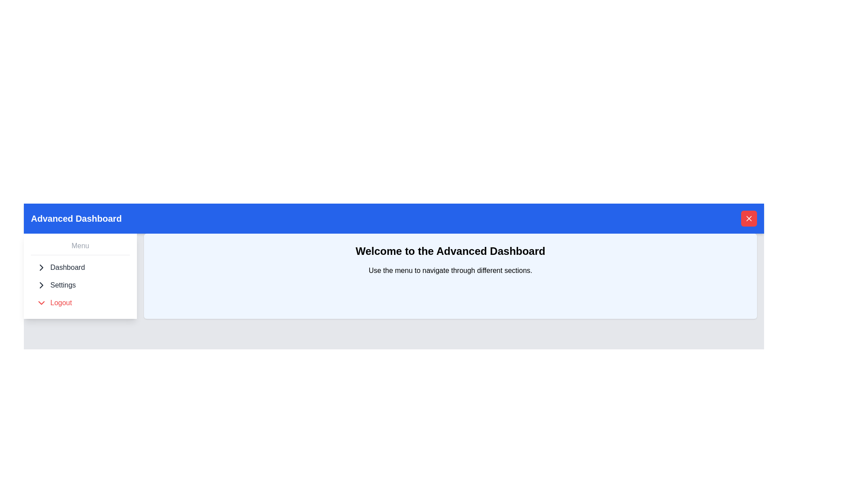  I want to click on the non-interactive Label located at the top section of the sidebar, which provides context for the menu items listed below, so click(80, 245).